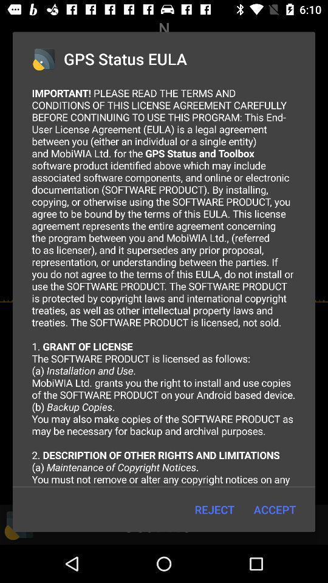 This screenshot has height=583, width=328. I want to click on item next to reject item, so click(275, 510).